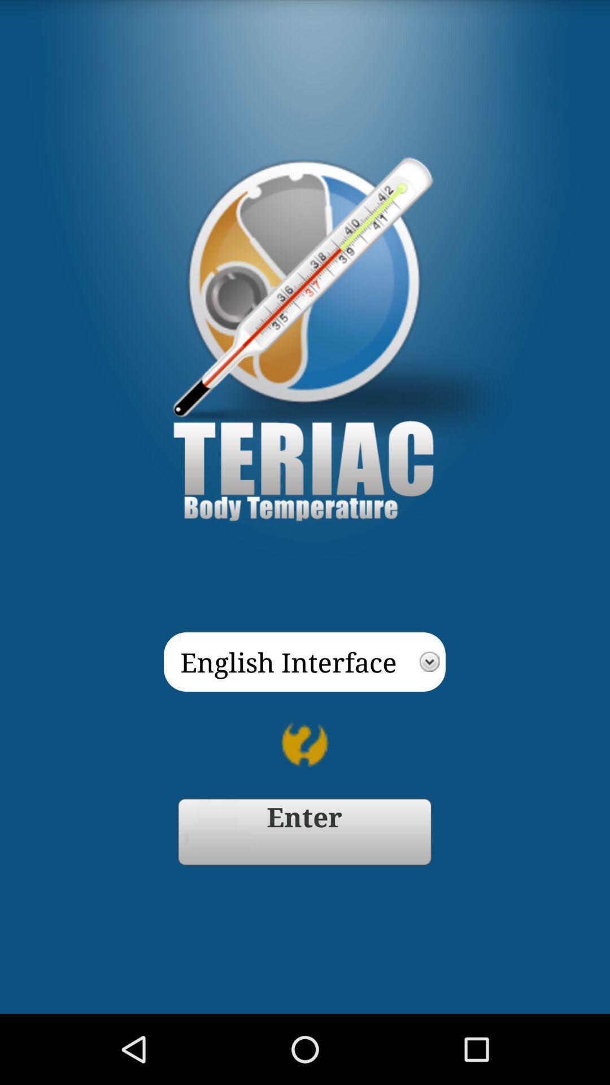 The image size is (610, 1085). What do you see at coordinates (305, 745) in the screenshot?
I see `help option` at bounding box center [305, 745].